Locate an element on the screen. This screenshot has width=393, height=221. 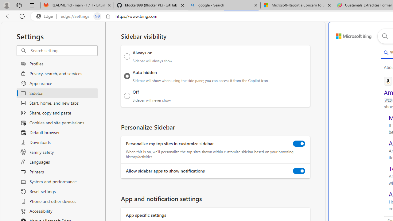
'Edge' is located at coordinates (46, 16).